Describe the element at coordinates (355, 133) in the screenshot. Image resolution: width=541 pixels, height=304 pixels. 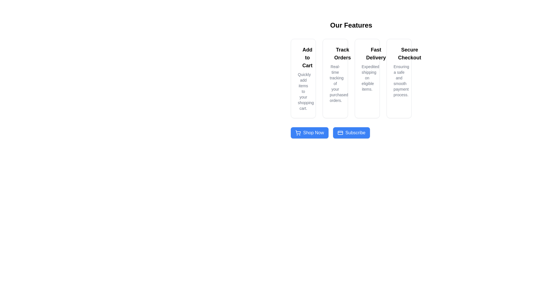
I see `the 'Subscribe' button, which is styled with white text on a blue background and is positioned to the right of the 'Shop Now' button` at that location.